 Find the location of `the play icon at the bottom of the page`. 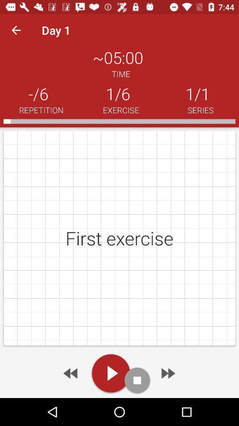

the play icon at the bottom of the page is located at coordinates (111, 373).